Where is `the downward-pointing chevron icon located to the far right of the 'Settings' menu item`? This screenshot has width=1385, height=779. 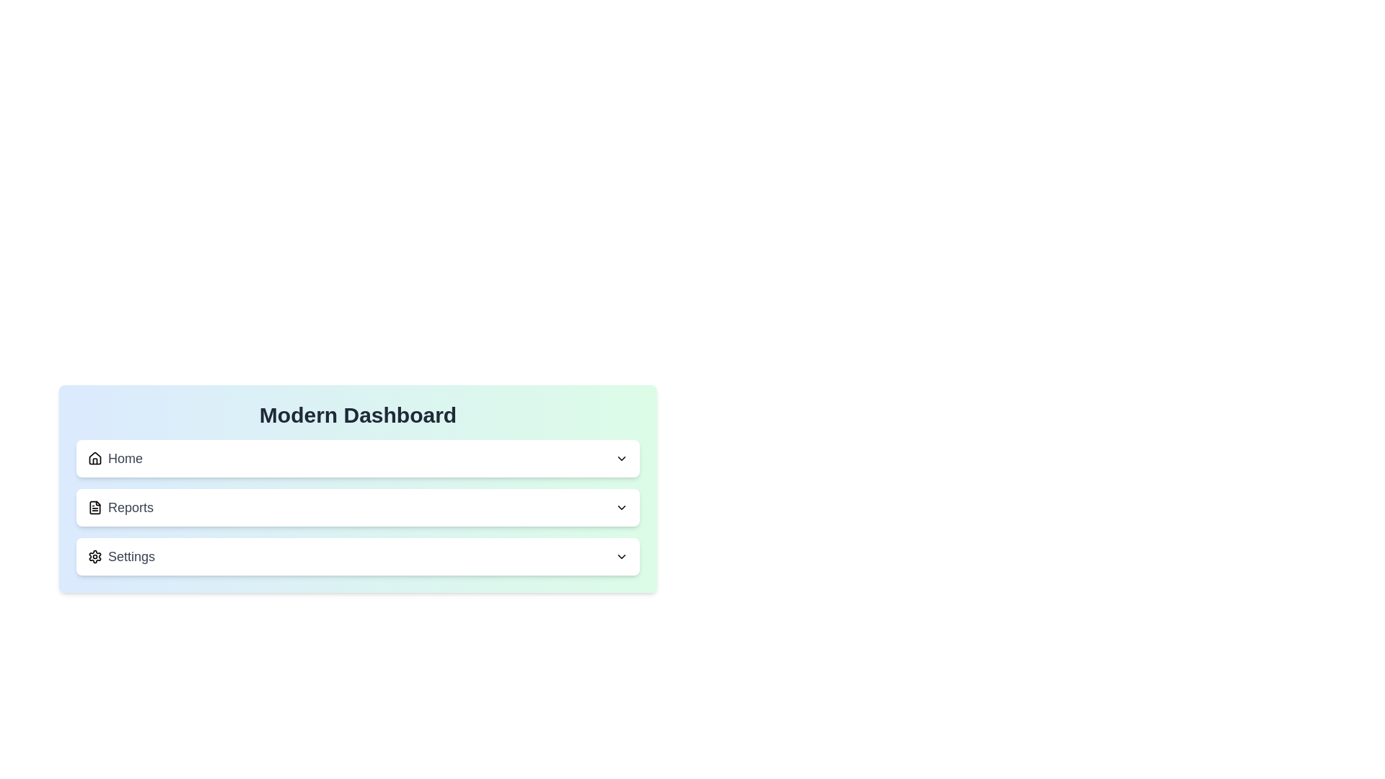 the downward-pointing chevron icon located to the far right of the 'Settings' menu item is located at coordinates (622, 555).